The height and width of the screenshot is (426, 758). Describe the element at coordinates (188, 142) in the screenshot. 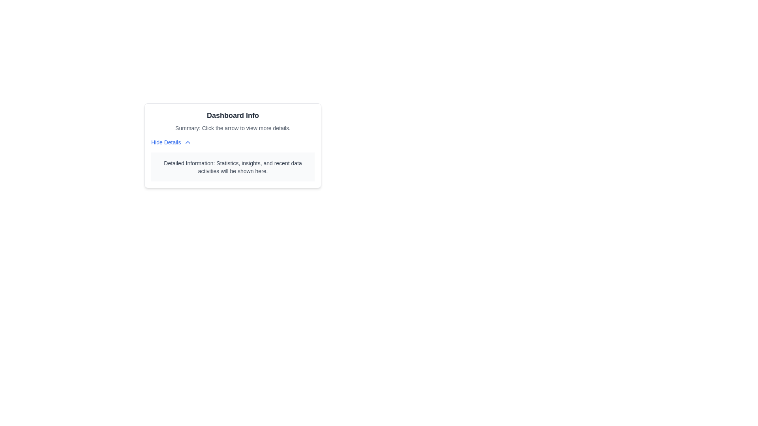

I see `the chevron icon located to the right of the 'Hide Details' text, which indicates the ability` at that location.